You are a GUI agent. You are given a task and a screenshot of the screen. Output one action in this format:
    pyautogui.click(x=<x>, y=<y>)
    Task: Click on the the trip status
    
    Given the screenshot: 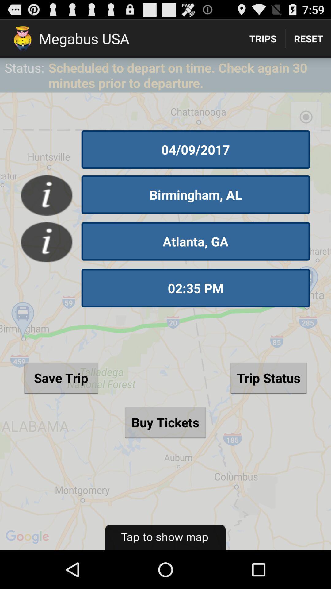 What is the action you would take?
    pyautogui.click(x=268, y=377)
    